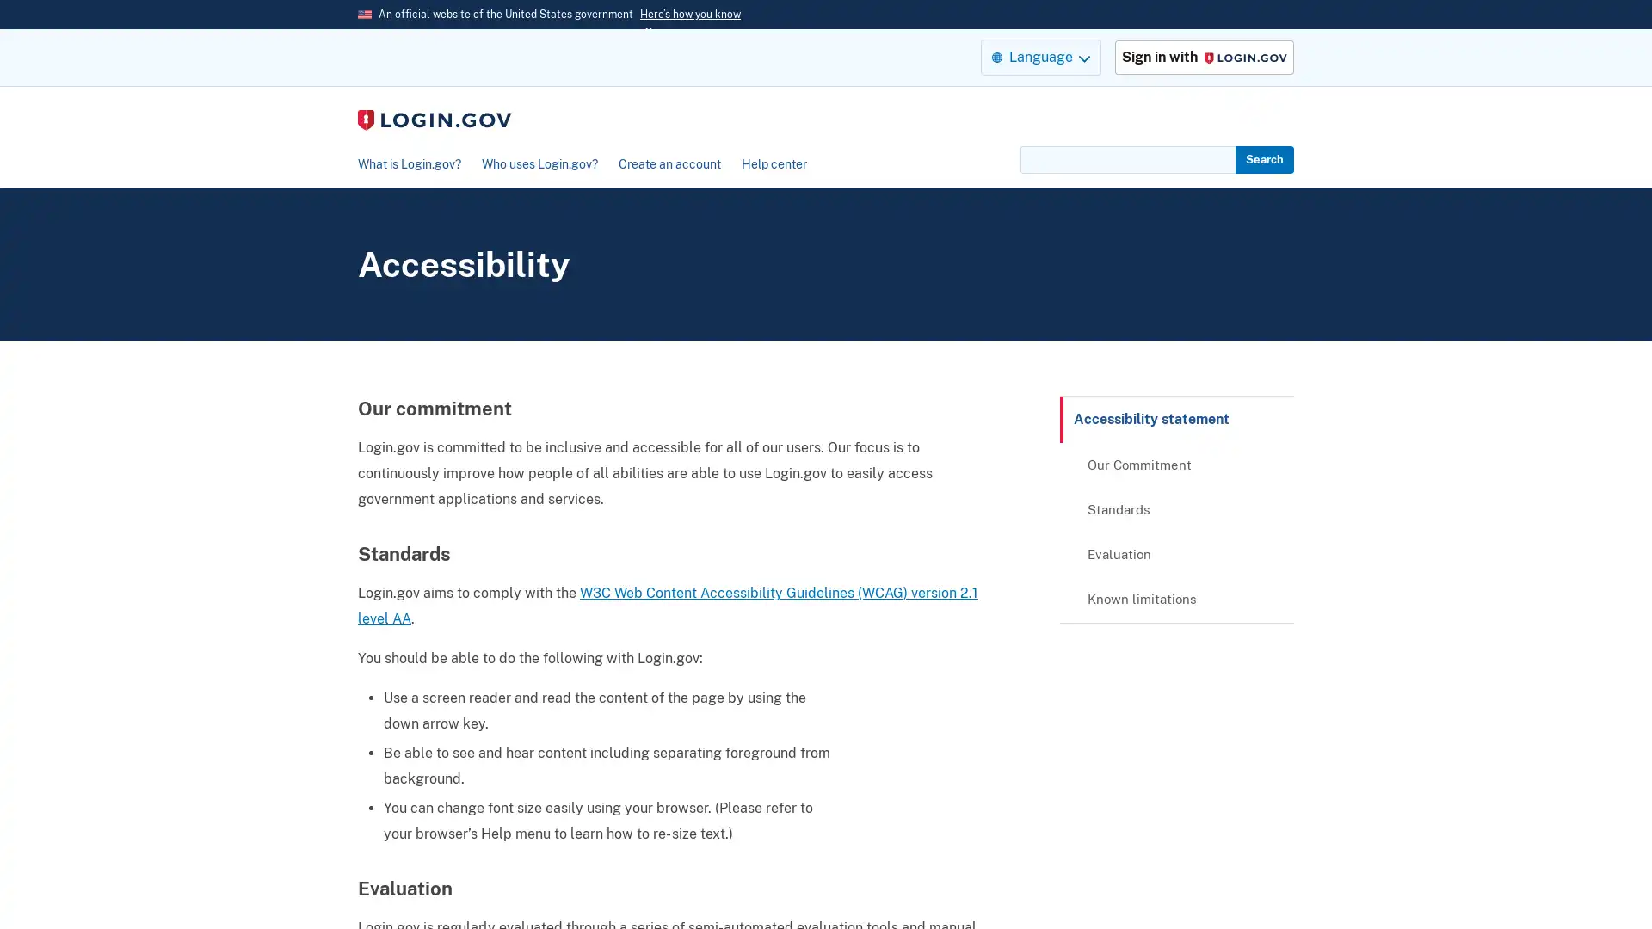 The image size is (1652, 929). Describe the element at coordinates (690, 14) in the screenshot. I see `Heres how you know` at that location.